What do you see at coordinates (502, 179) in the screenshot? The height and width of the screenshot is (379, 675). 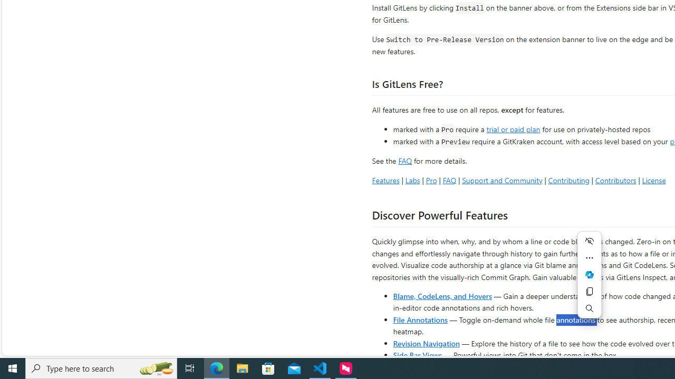 I see `'Support and Community'` at bounding box center [502, 179].